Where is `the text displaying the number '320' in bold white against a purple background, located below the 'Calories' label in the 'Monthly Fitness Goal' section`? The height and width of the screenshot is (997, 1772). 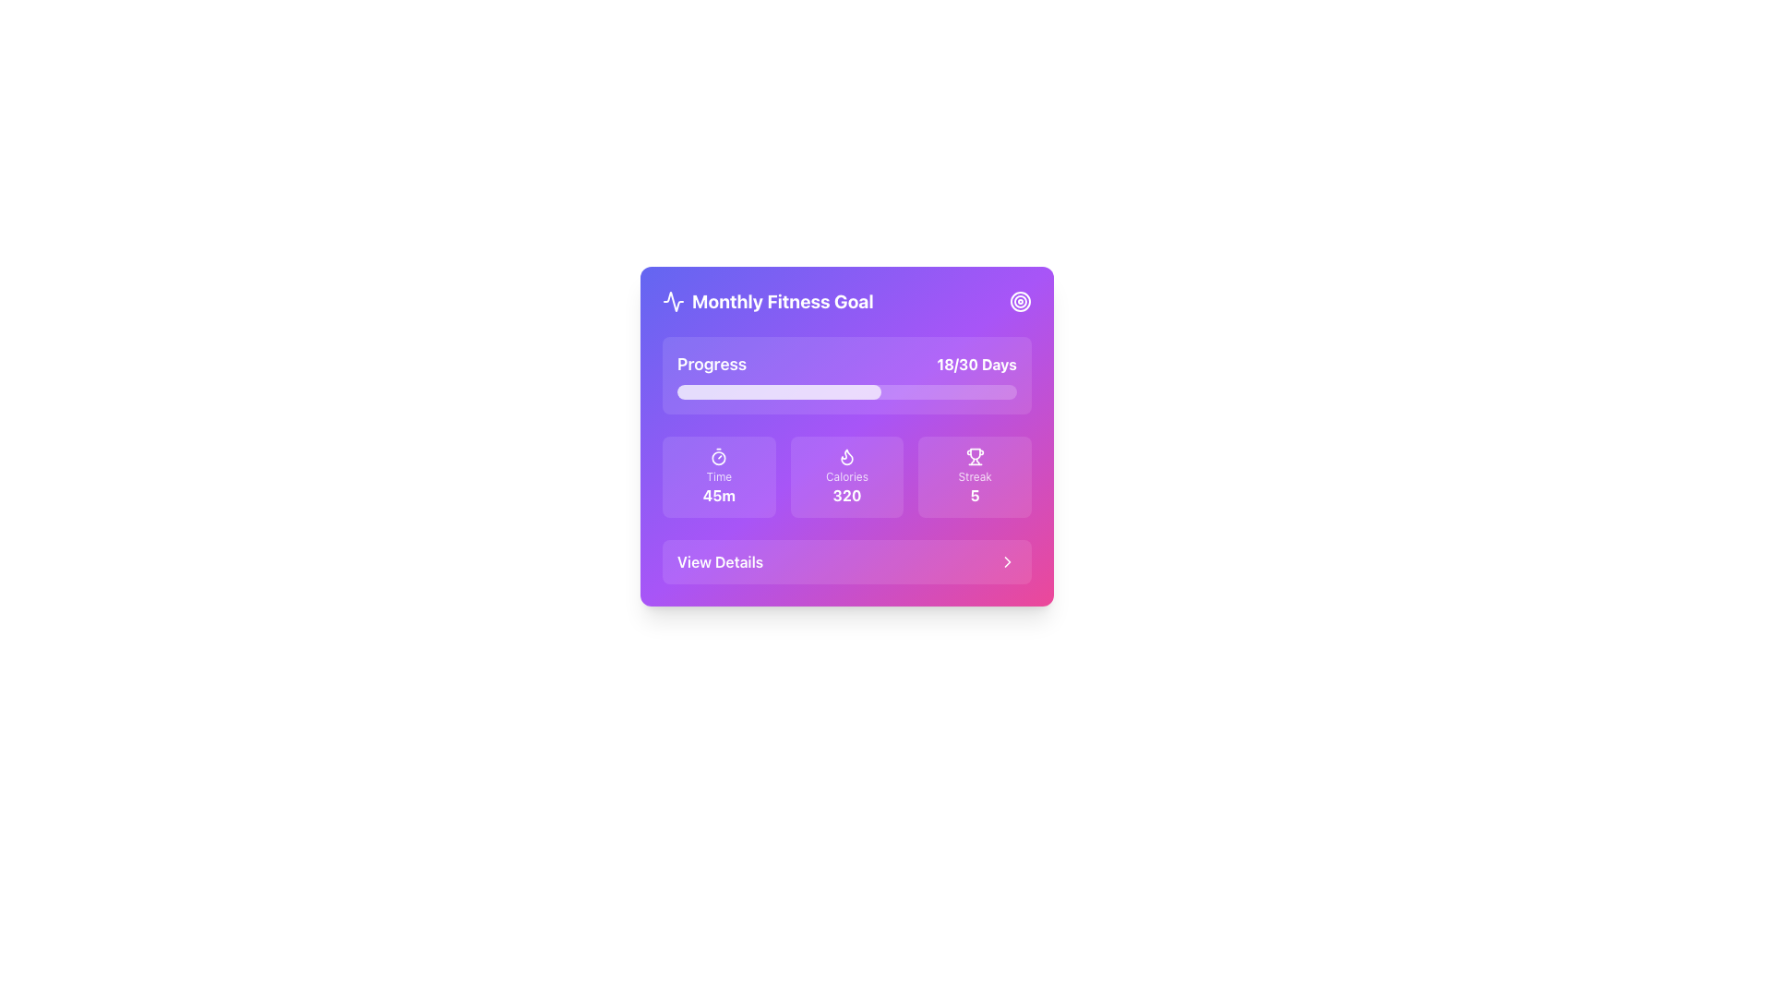
the text displaying the number '320' in bold white against a purple background, located below the 'Calories' label in the 'Monthly Fitness Goal' section is located at coordinates (845, 494).